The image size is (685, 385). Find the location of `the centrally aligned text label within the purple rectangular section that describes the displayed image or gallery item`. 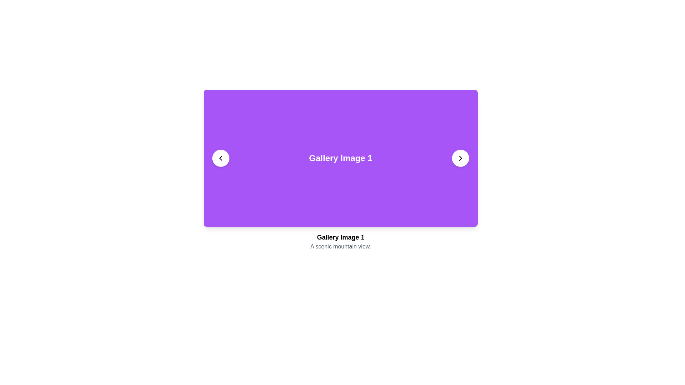

the centrally aligned text label within the purple rectangular section that describes the displayed image or gallery item is located at coordinates (340, 158).